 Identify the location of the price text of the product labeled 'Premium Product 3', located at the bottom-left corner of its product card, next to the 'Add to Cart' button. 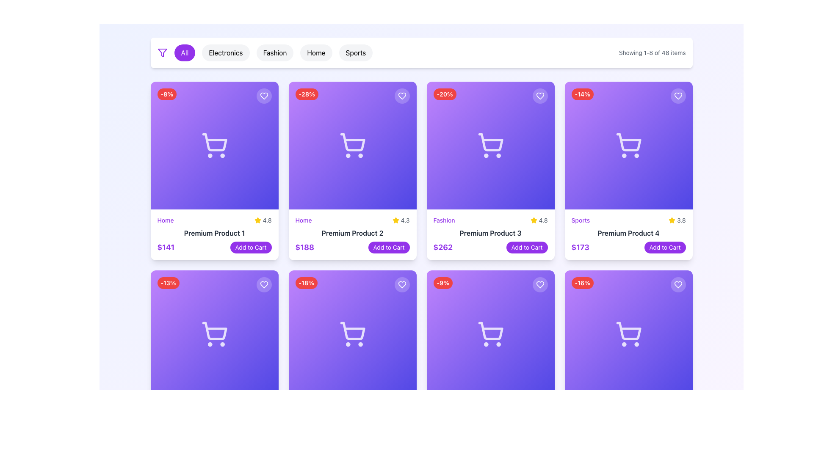
(442, 248).